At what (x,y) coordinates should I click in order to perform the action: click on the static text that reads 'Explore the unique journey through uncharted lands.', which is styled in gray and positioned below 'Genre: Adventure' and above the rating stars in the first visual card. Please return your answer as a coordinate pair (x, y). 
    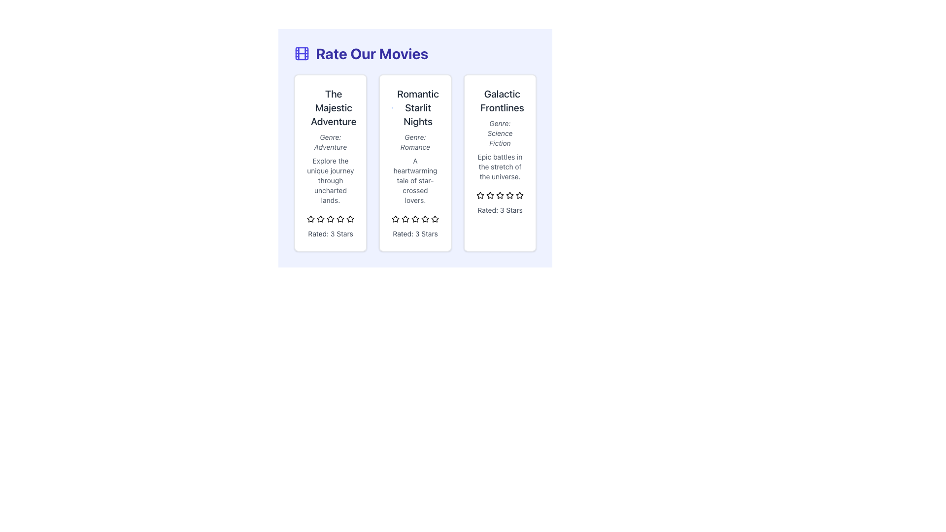
    Looking at the image, I should click on (331, 180).